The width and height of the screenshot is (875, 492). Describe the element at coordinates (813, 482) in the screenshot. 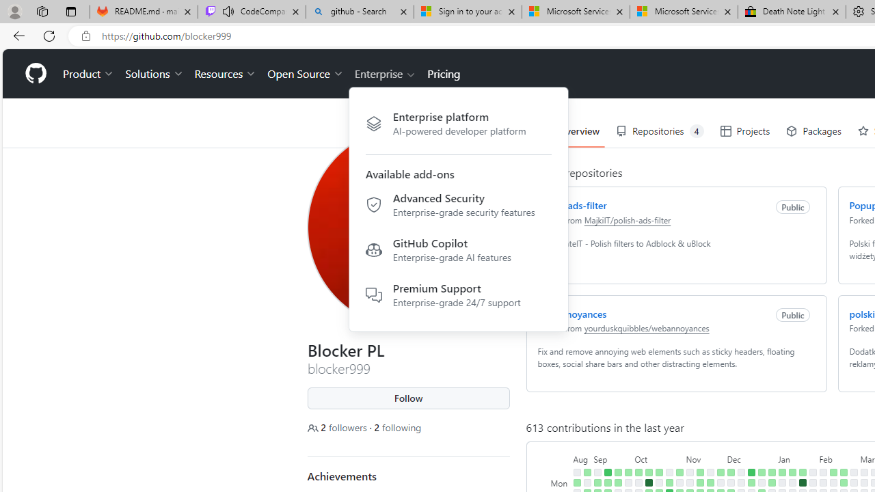

I see `'No contributions on January 29th.'` at that location.